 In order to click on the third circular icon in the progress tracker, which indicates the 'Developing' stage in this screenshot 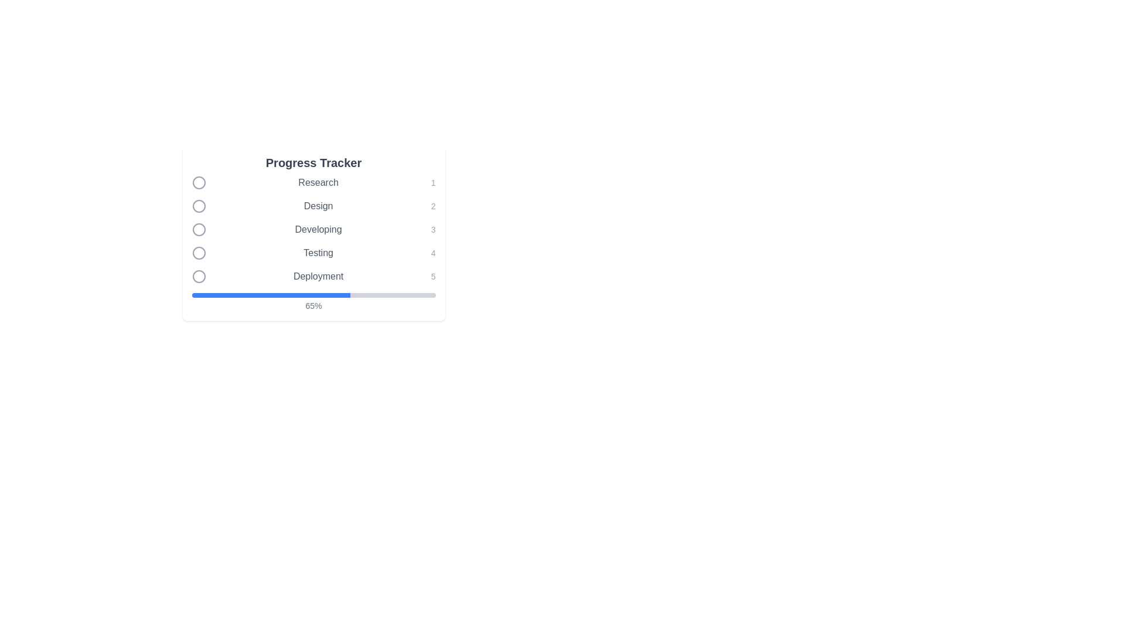, I will do `click(199, 230)`.